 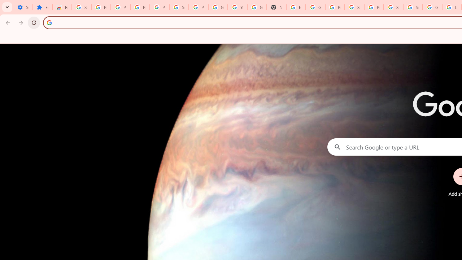 I want to click on 'Google Account', so click(x=218, y=7).